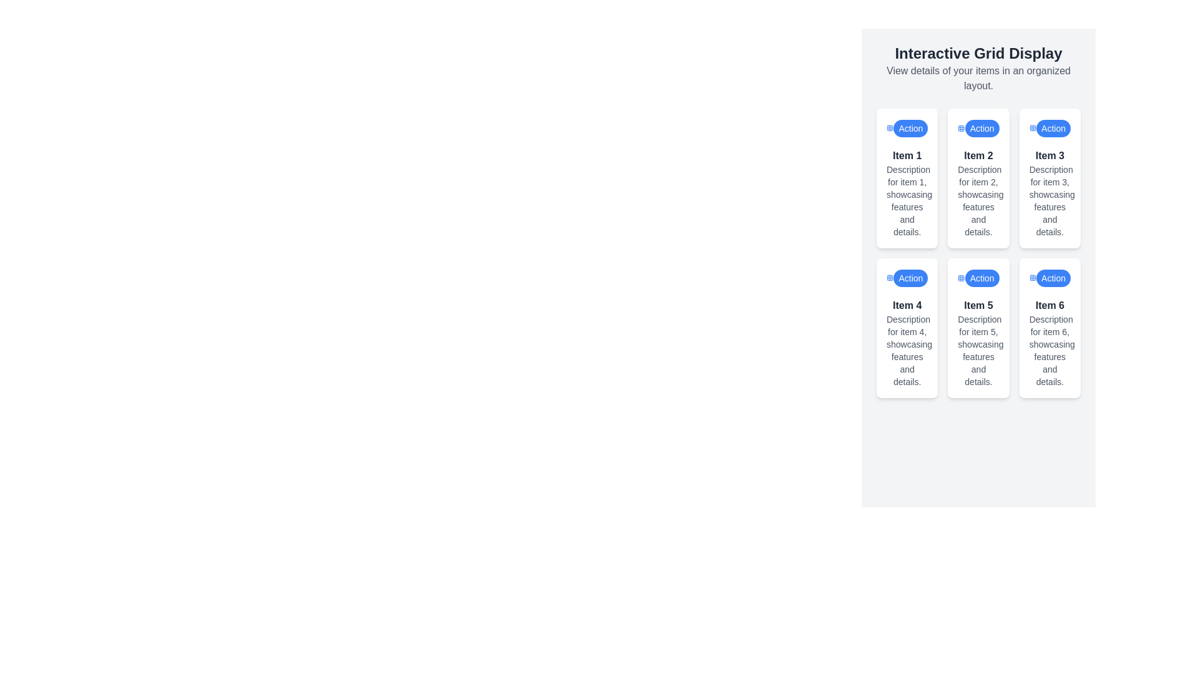  What do you see at coordinates (978, 278) in the screenshot?
I see `the button located at the top-right corner of the 'Item 5' card` at bounding box center [978, 278].